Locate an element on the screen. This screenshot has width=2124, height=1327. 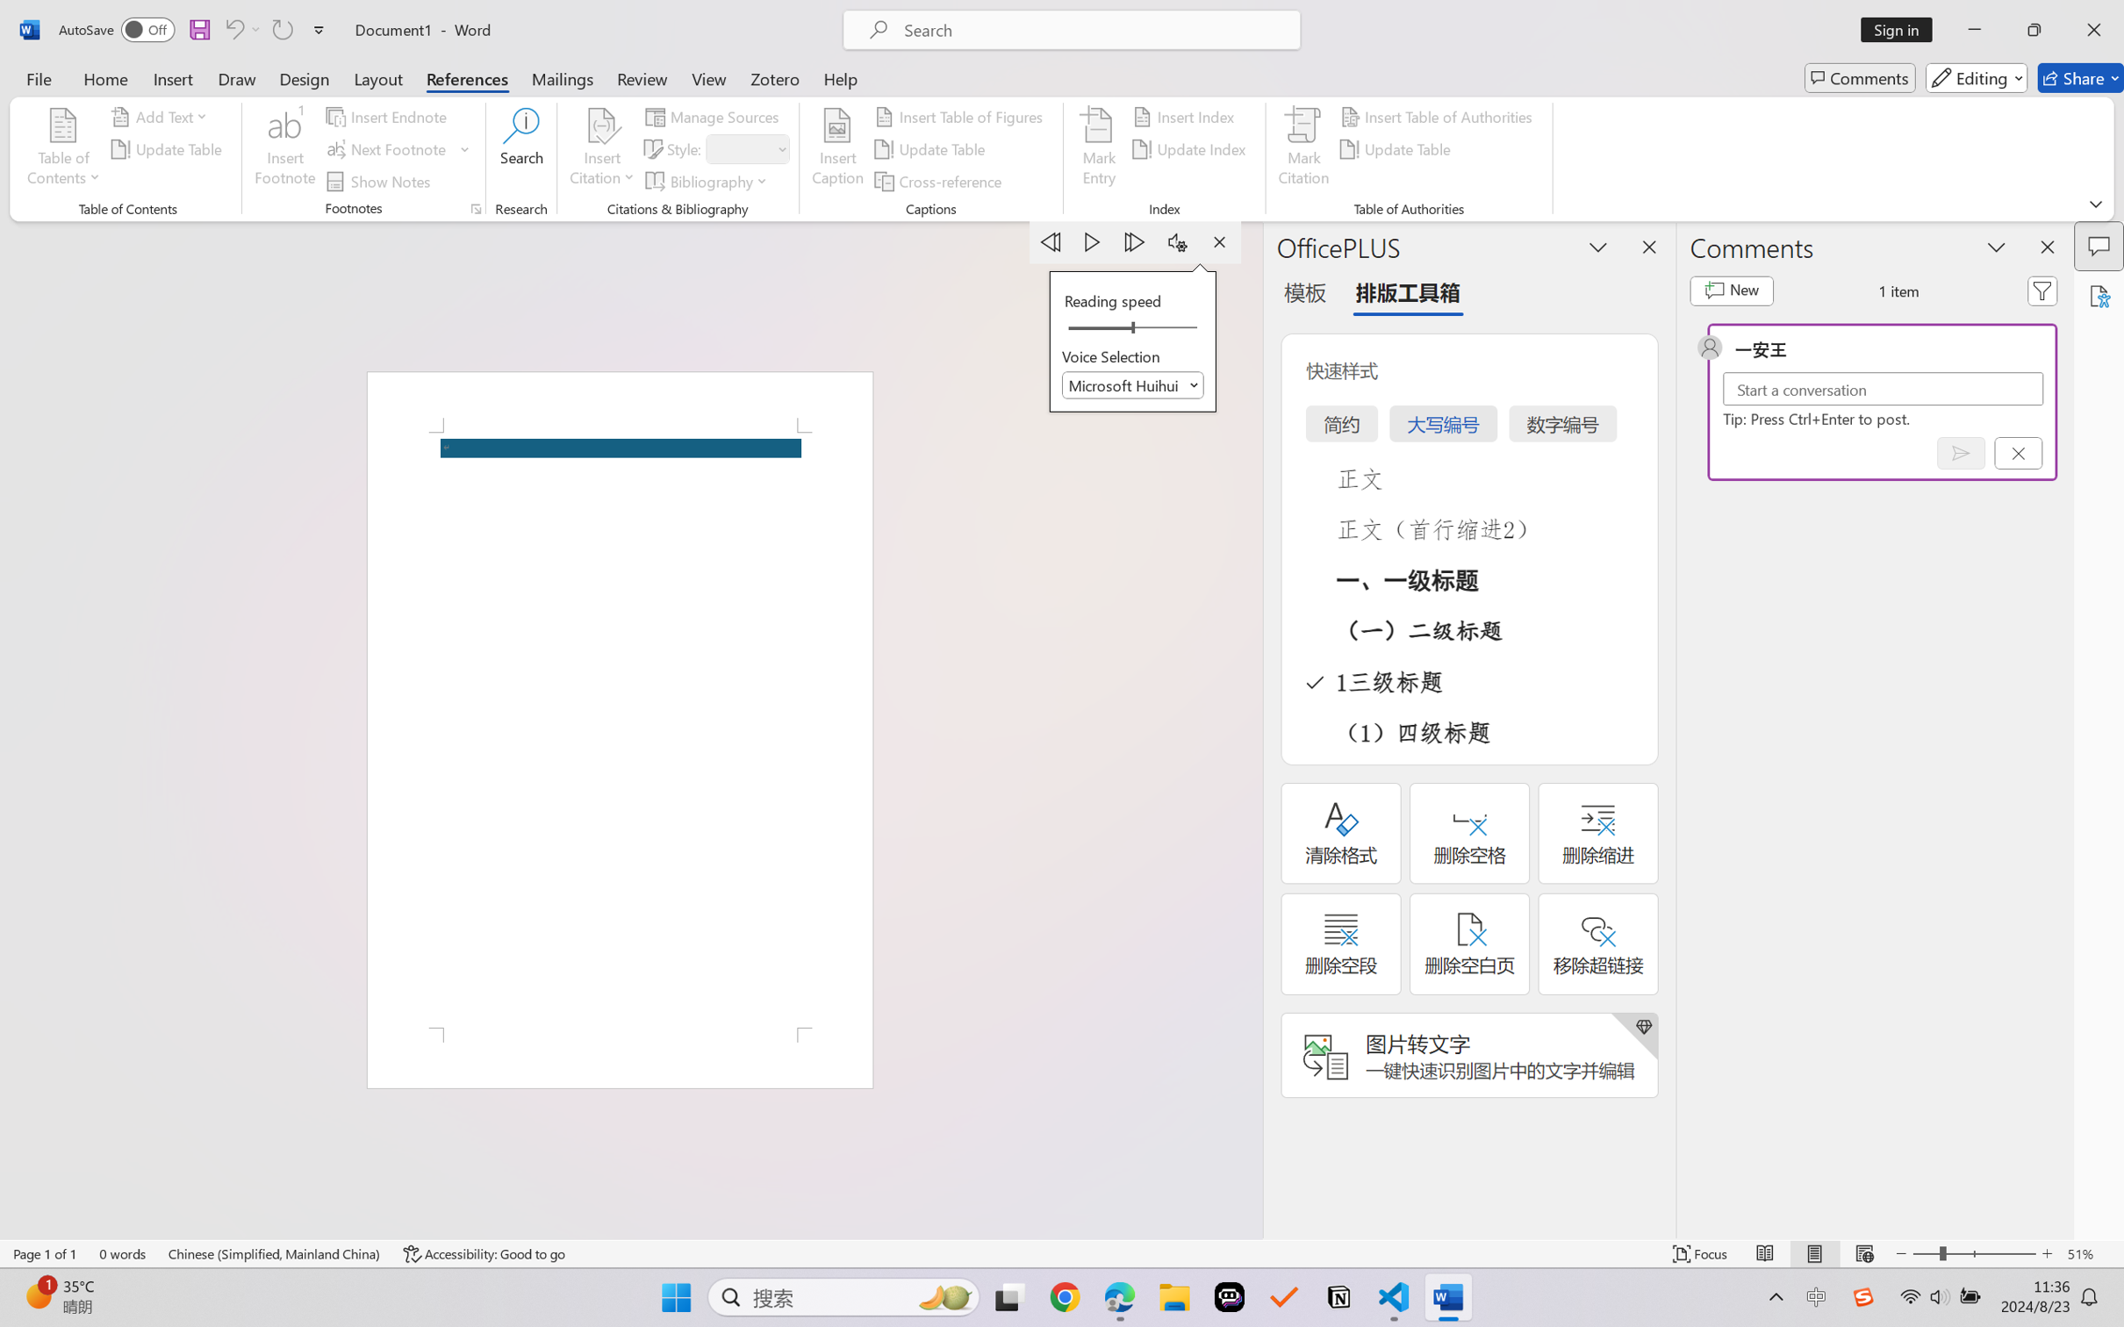
'Update Table' is located at coordinates (1397, 149).